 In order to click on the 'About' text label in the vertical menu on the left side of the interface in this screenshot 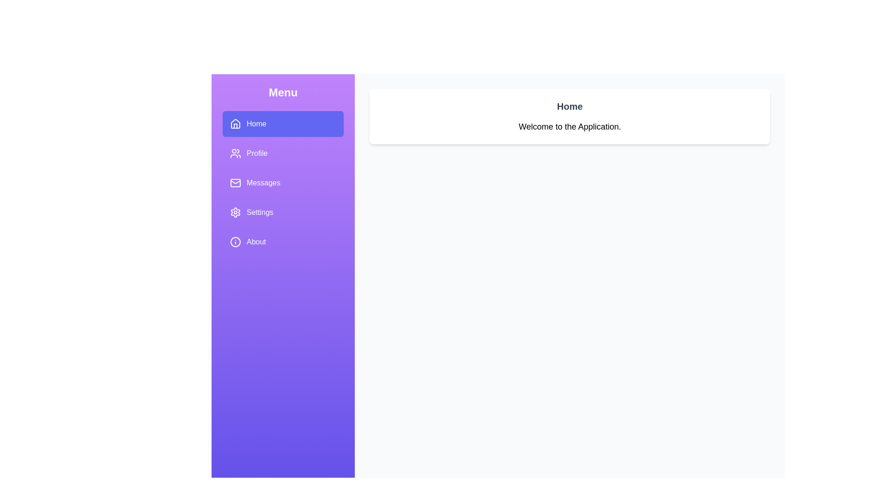, I will do `click(256, 241)`.